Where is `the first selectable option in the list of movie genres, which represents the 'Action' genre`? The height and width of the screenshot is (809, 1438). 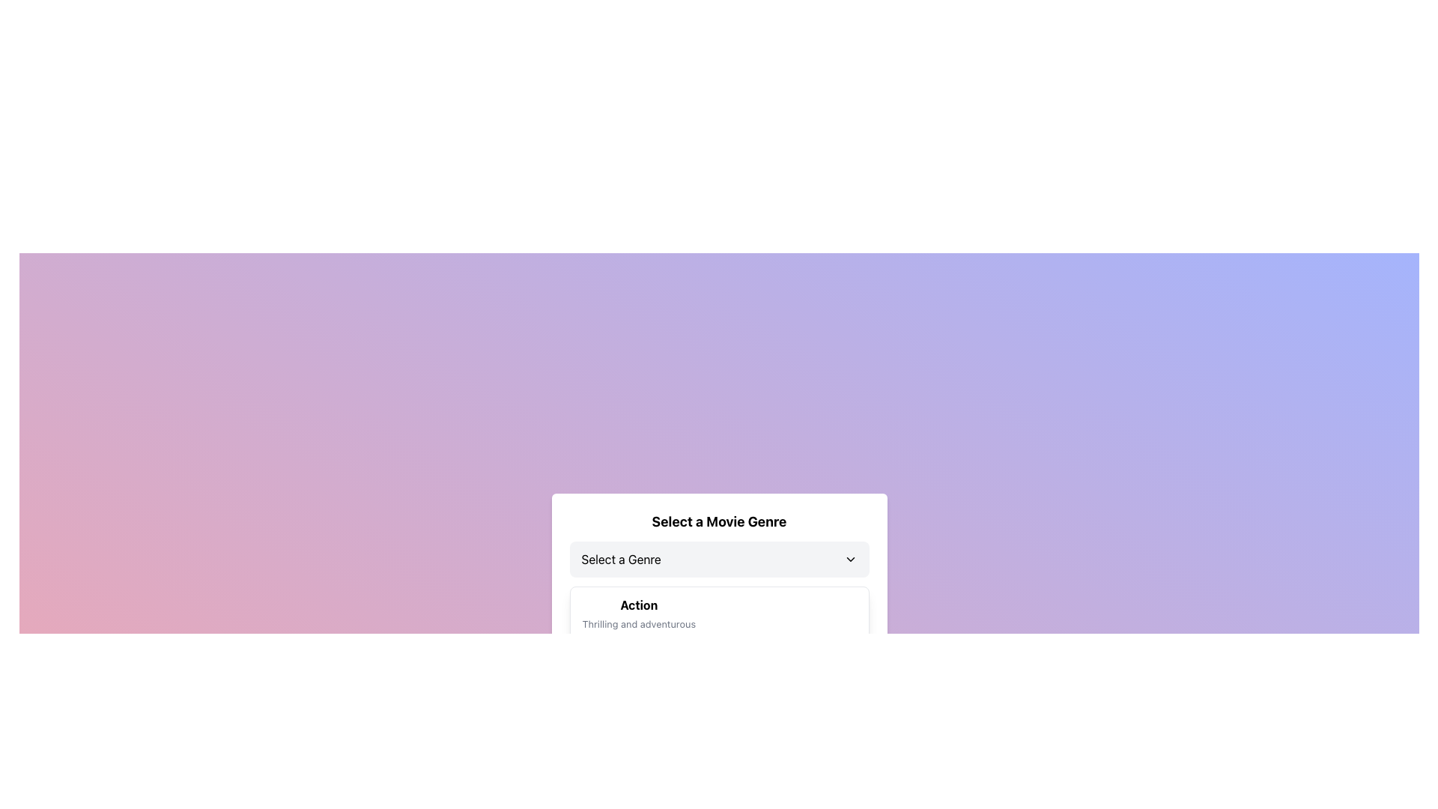
the first selectable option in the list of movie genres, which represents the 'Action' genre is located at coordinates (719, 614).